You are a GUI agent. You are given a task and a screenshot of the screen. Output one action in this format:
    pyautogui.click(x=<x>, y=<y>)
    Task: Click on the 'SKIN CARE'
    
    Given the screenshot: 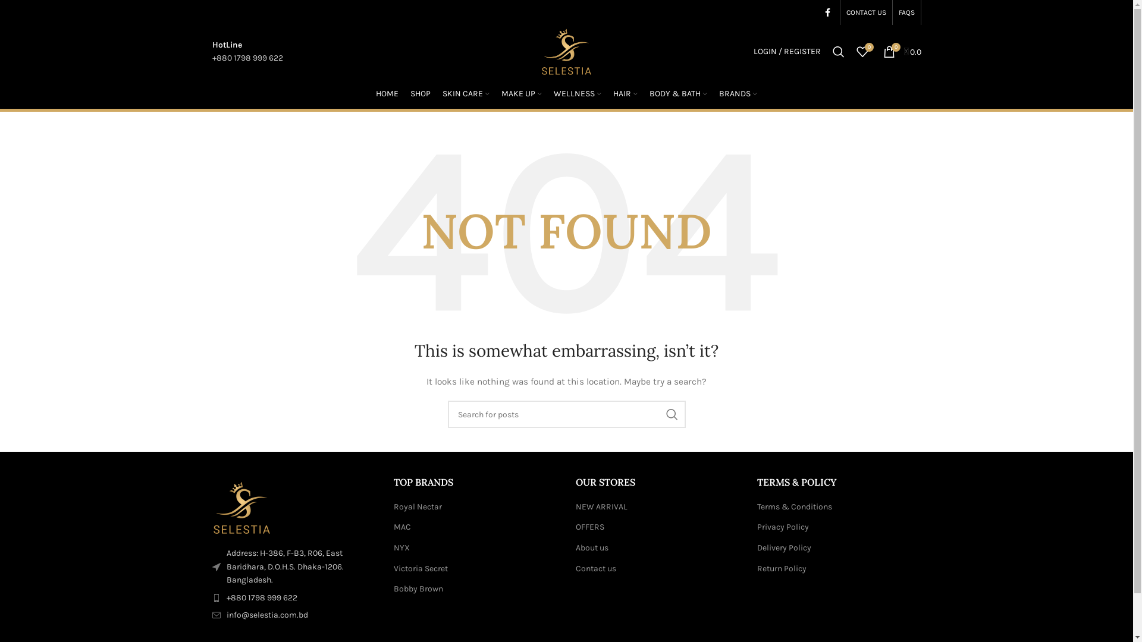 What is the action you would take?
    pyautogui.click(x=442, y=93)
    